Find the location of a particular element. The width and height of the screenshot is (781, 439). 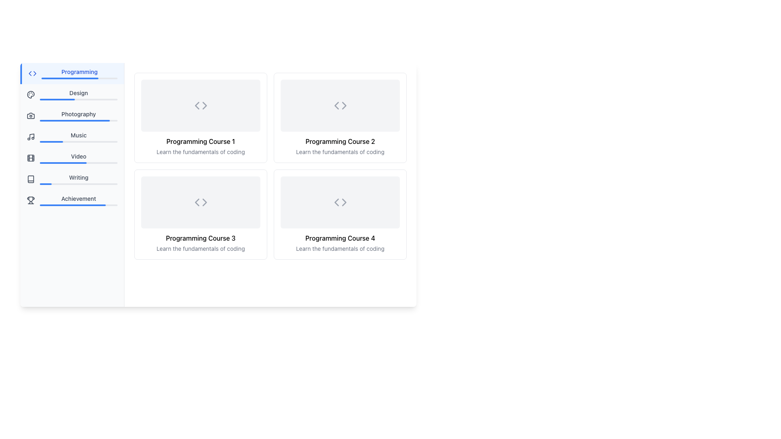

the 'Photography' icon in the sidebar menu, which visually represents the photography section is located at coordinates (31, 116).